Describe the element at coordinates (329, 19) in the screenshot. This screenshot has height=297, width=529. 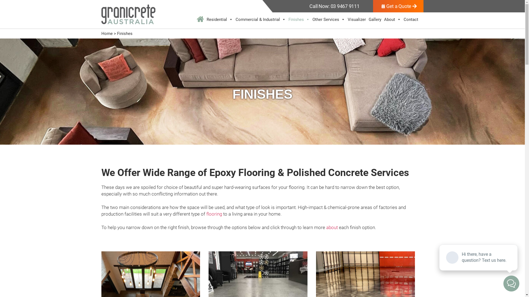
I see `'Other Services'` at that location.